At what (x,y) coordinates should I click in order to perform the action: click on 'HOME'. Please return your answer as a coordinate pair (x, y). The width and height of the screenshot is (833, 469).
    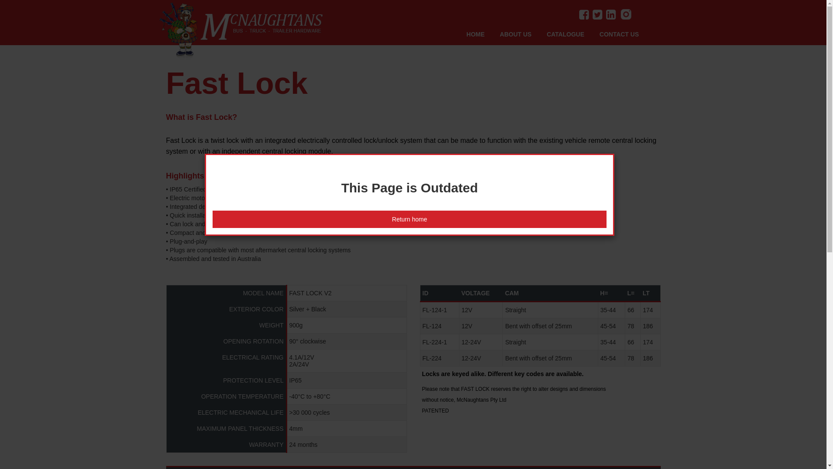
    Looking at the image, I should click on (482, 33).